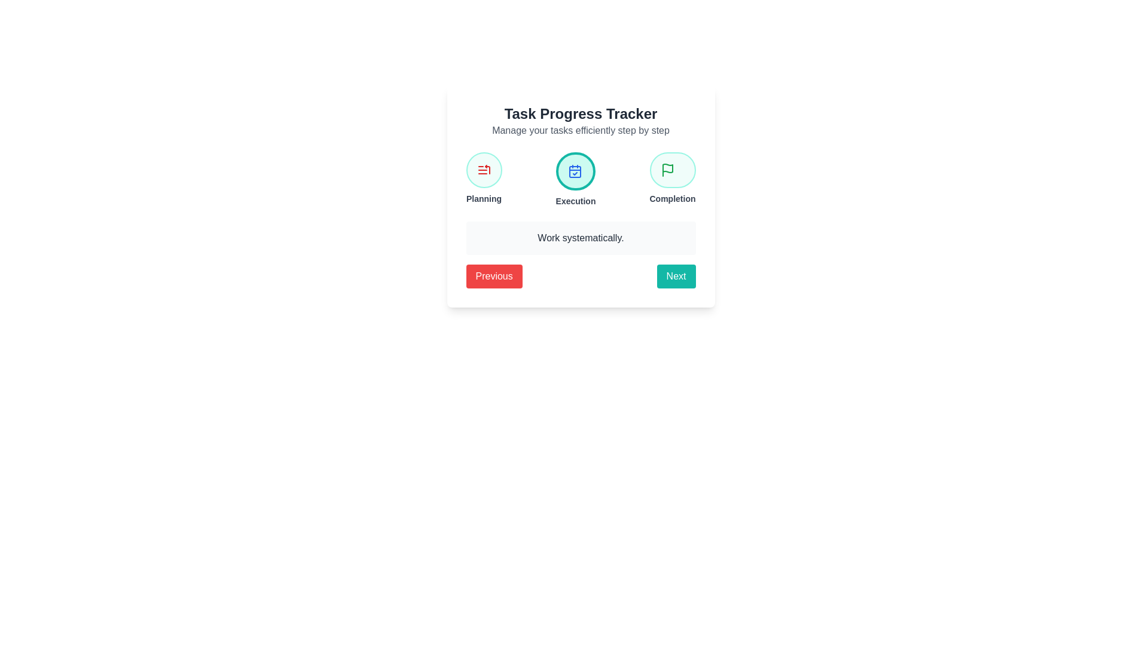  Describe the element at coordinates (676, 276) in the screenshot. I see `the Next button to navigate between steps` at that location.